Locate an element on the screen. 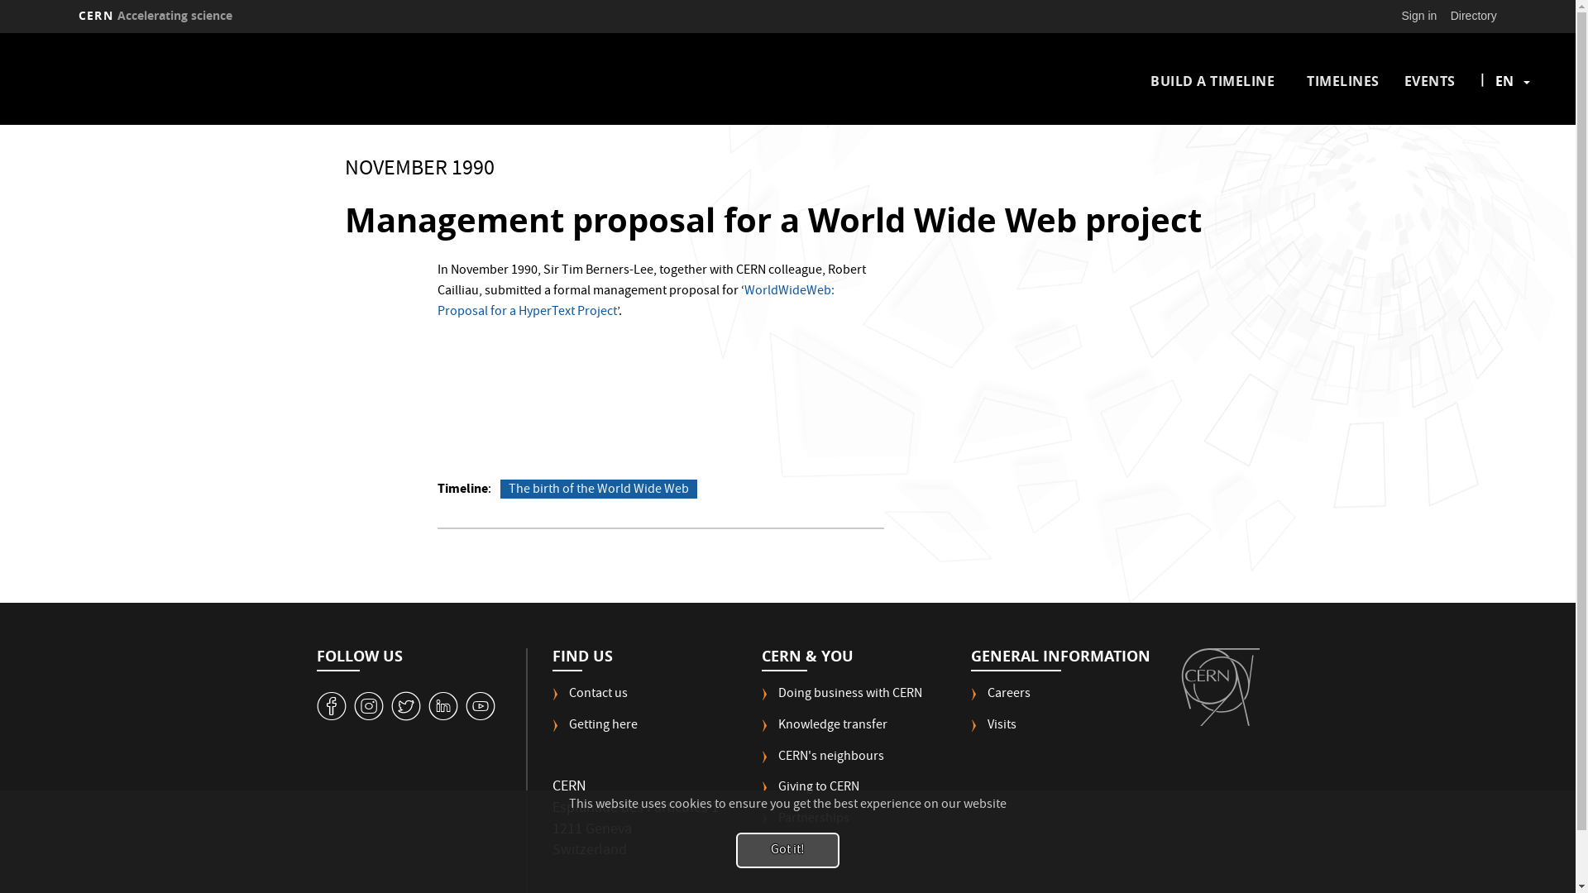 The image size is (1588, 893). 'TIMELINES' is located at coordinates (1342, 80).